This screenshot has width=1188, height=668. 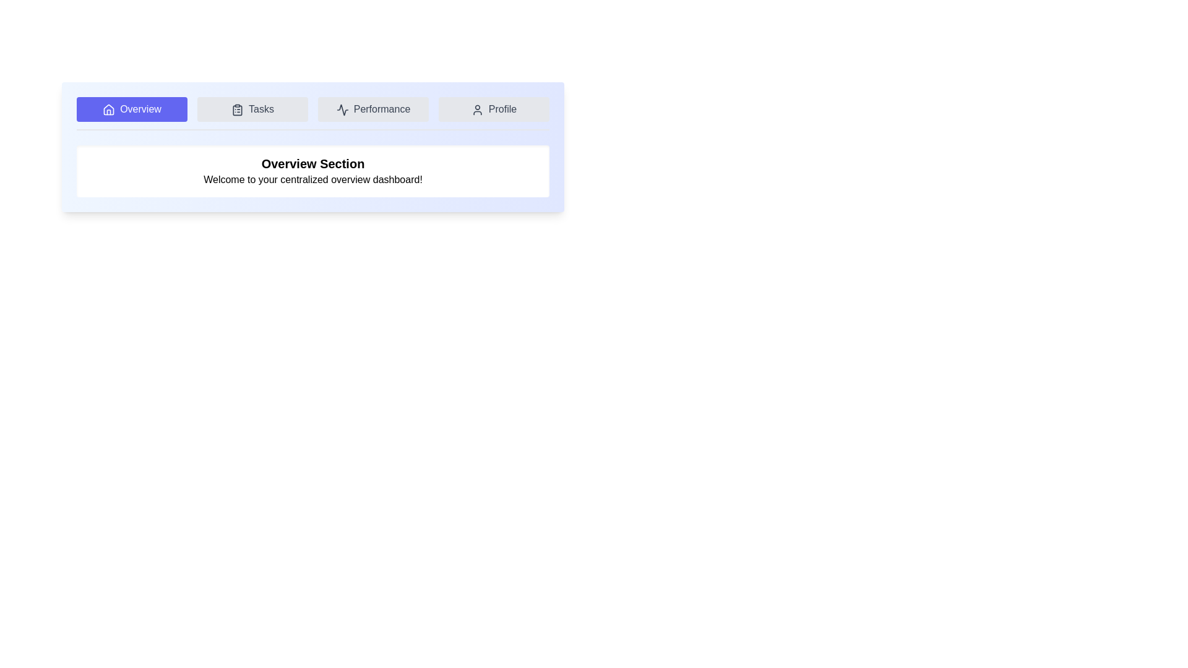 What do you see at coordinates (238, 109) in the screenshot?
I see `the clipboard list icon in the 'Tasks' section of the navigation bar, which is represented by an SVG with rounded edges and sectioning lines` at bounding box center [238, 109].